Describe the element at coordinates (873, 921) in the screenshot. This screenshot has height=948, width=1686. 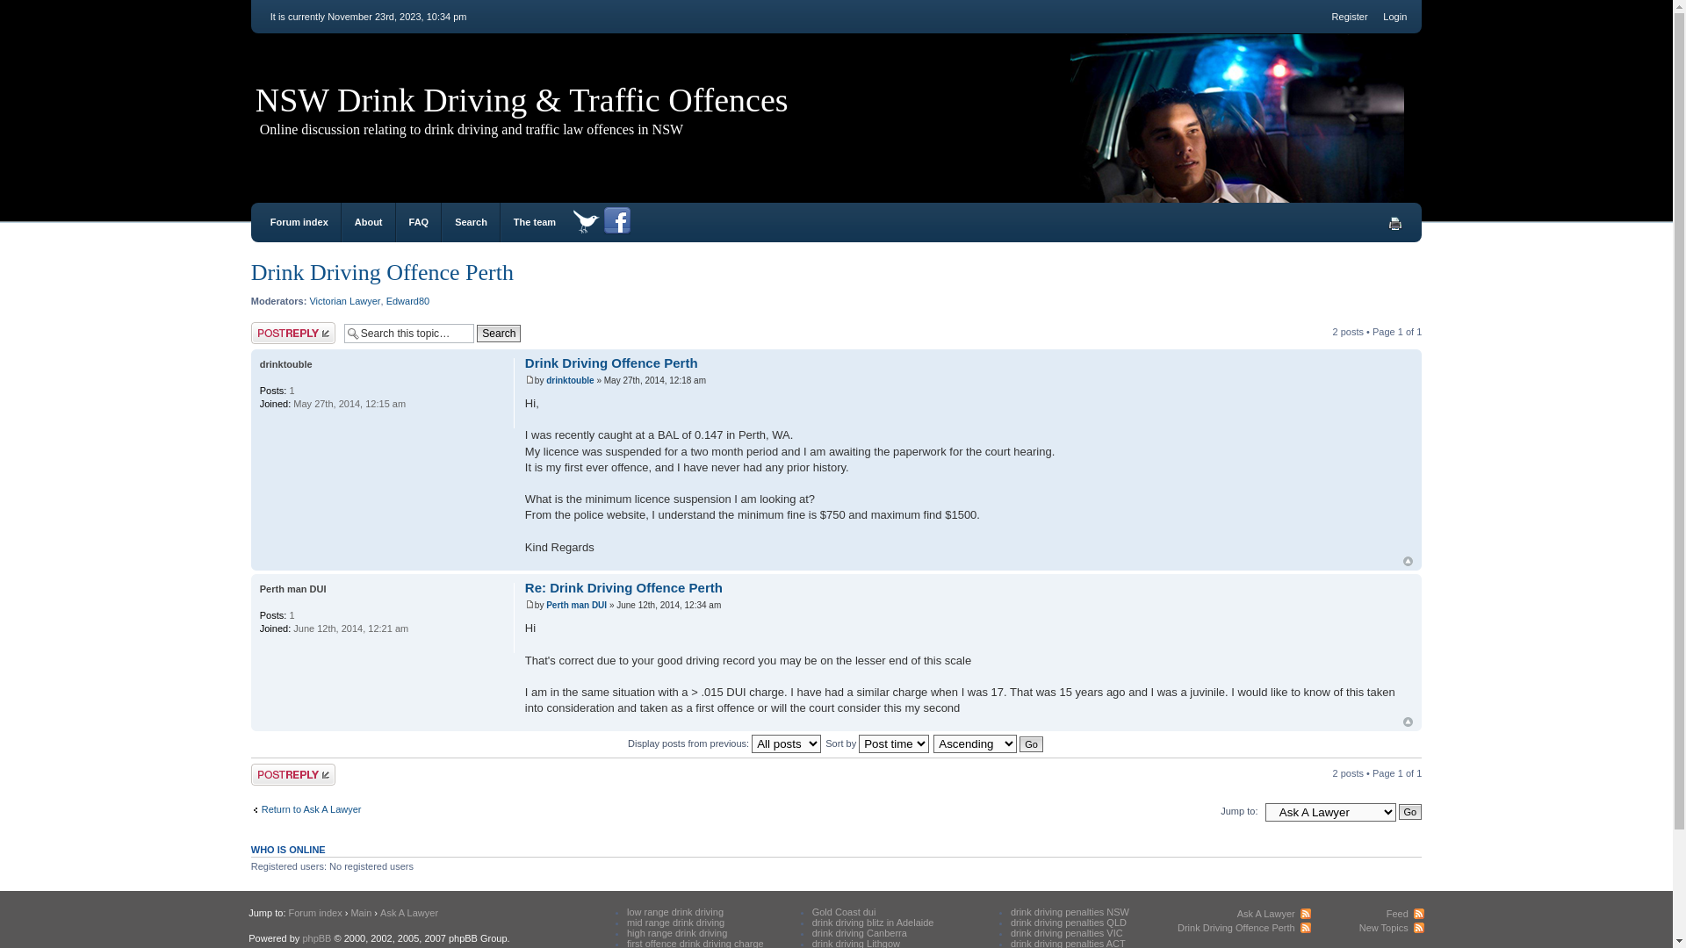
I see `'drink driving blitz in Adelaide'` at that location.